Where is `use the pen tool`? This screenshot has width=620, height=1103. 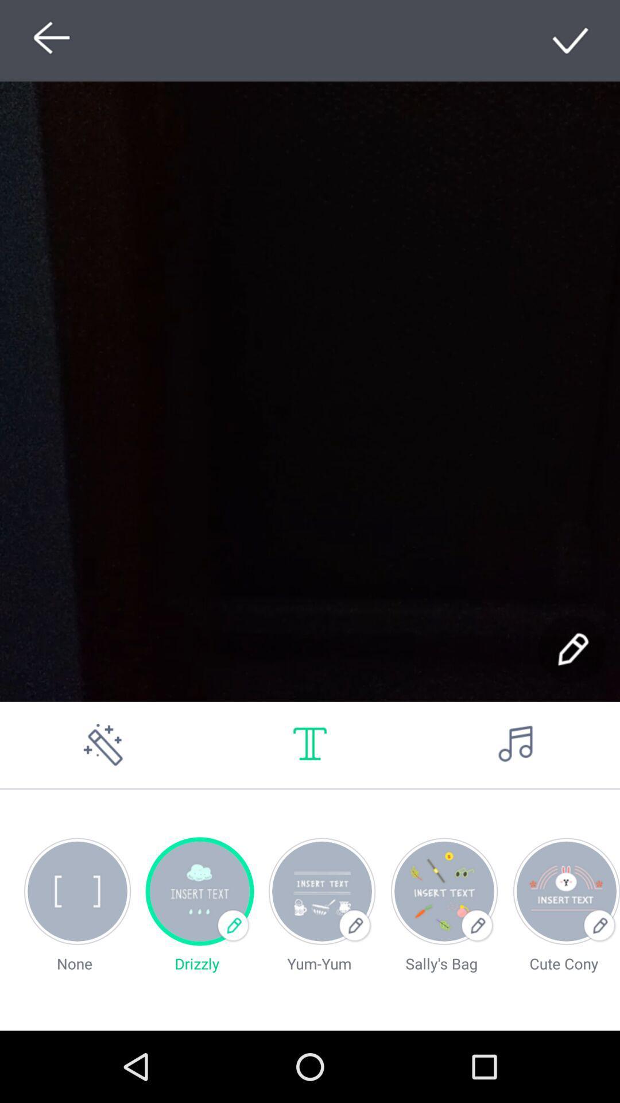 use the pen tool is located at coordinates (571, 650).